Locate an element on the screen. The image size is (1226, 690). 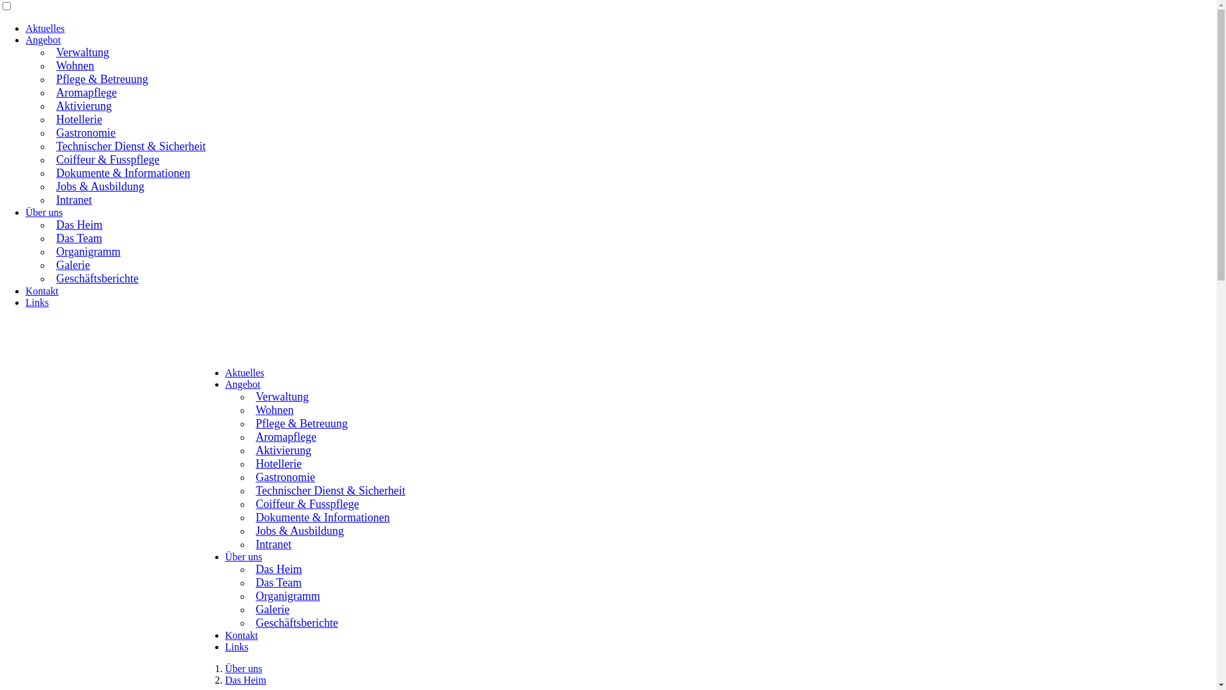
'Jobs & Ausbildung' is located at coordinates (297, 530).